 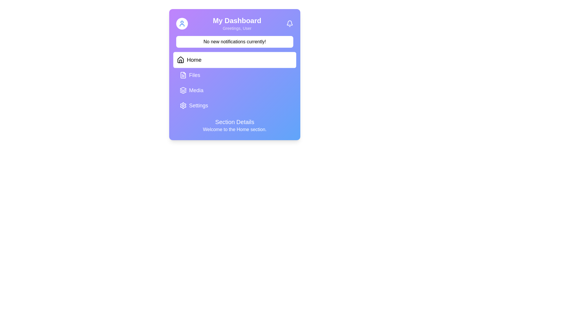 I want to click on the SVG icon labeled 'Media' that is styled with a stroke outline and is located in the vertical navigation list, so click(x=183, y=90).